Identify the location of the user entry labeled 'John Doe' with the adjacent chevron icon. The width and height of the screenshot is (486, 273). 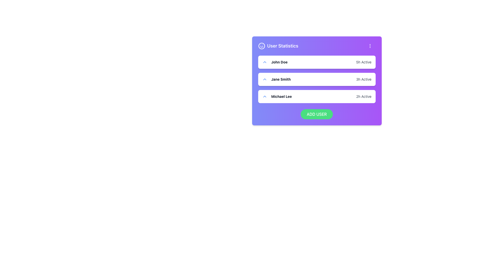
(274, 62).